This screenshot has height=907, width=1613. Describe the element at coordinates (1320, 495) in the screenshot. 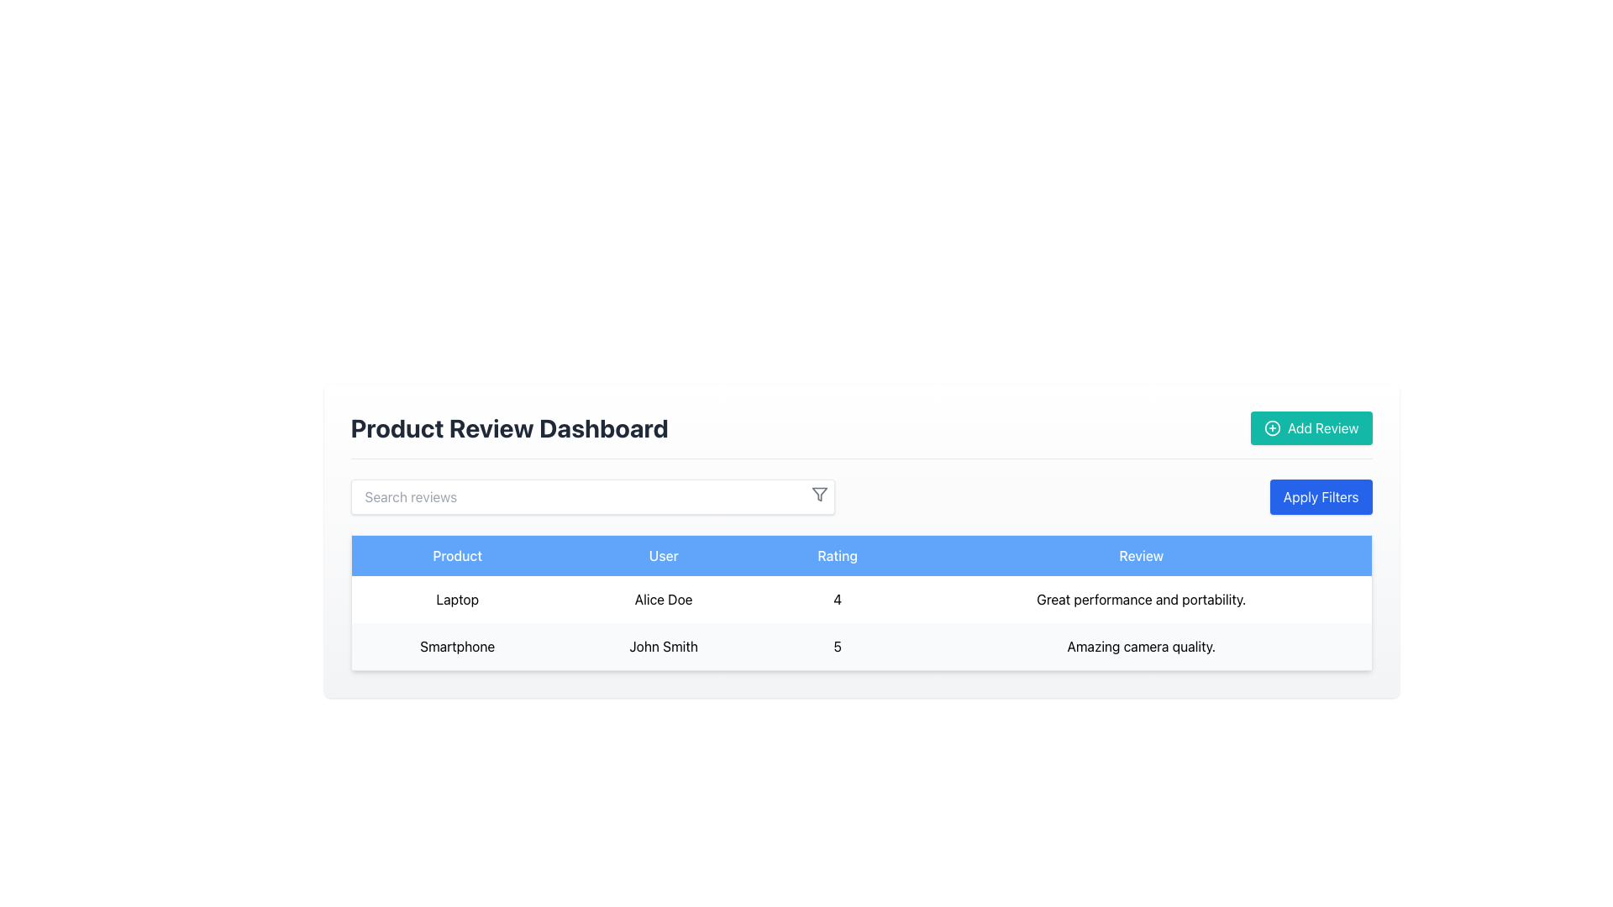

I see `the 'Apply Filters' button located in the top-right corner of the section containing a table to apply filters` at that location.